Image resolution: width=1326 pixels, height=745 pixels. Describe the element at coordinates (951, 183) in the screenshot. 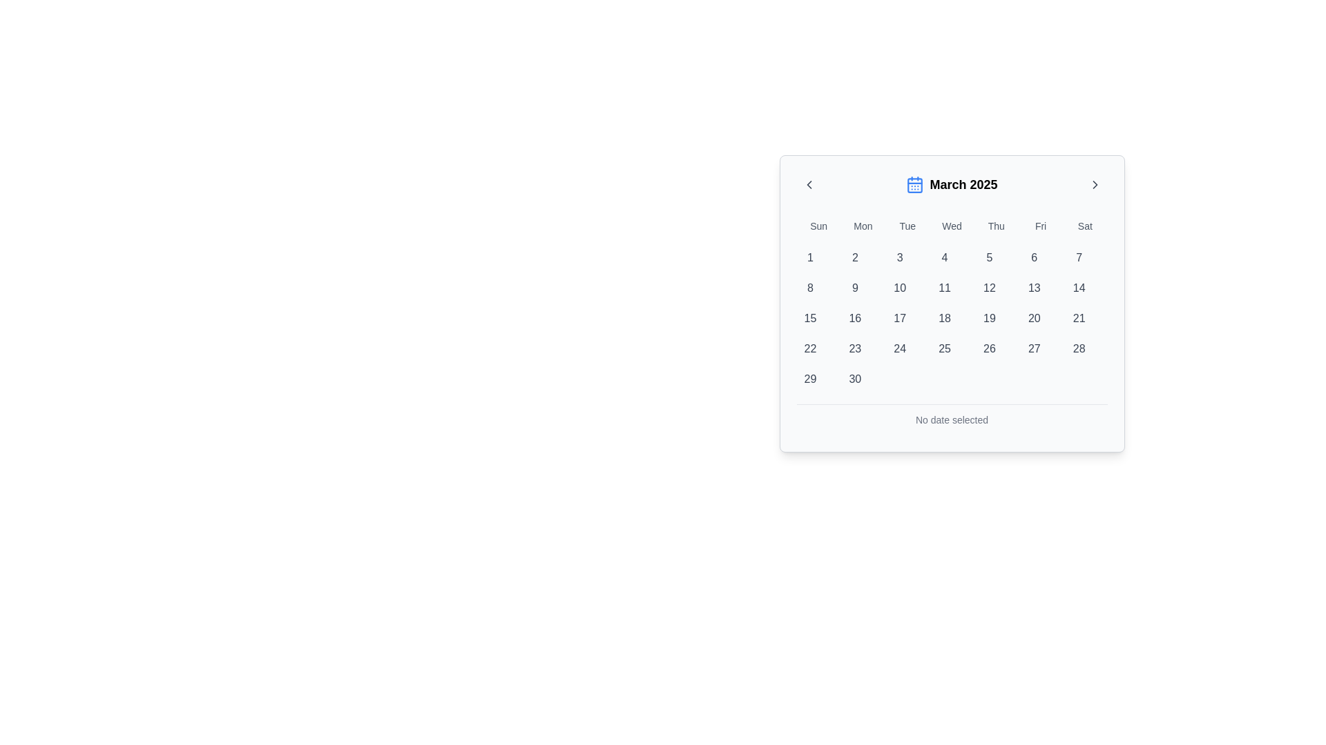

I see `the calendar icon that displays the currently selected month and year, located at the center of the calendar view` at that location.